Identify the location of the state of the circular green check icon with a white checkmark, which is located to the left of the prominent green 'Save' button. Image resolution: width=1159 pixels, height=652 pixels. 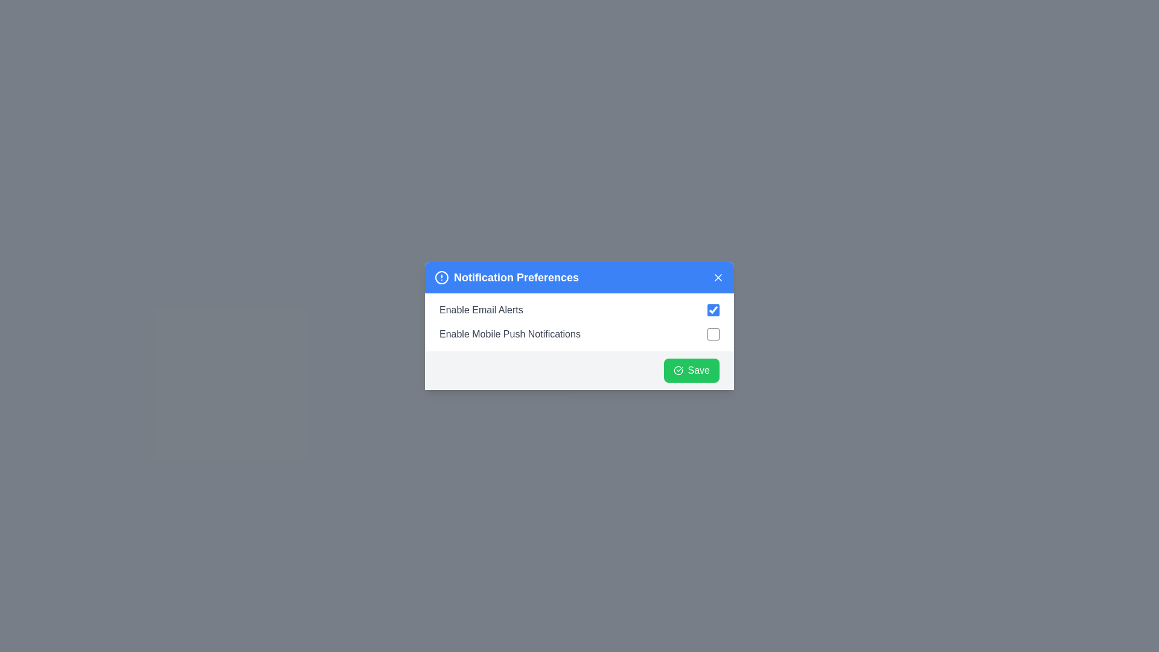
(678, 369).